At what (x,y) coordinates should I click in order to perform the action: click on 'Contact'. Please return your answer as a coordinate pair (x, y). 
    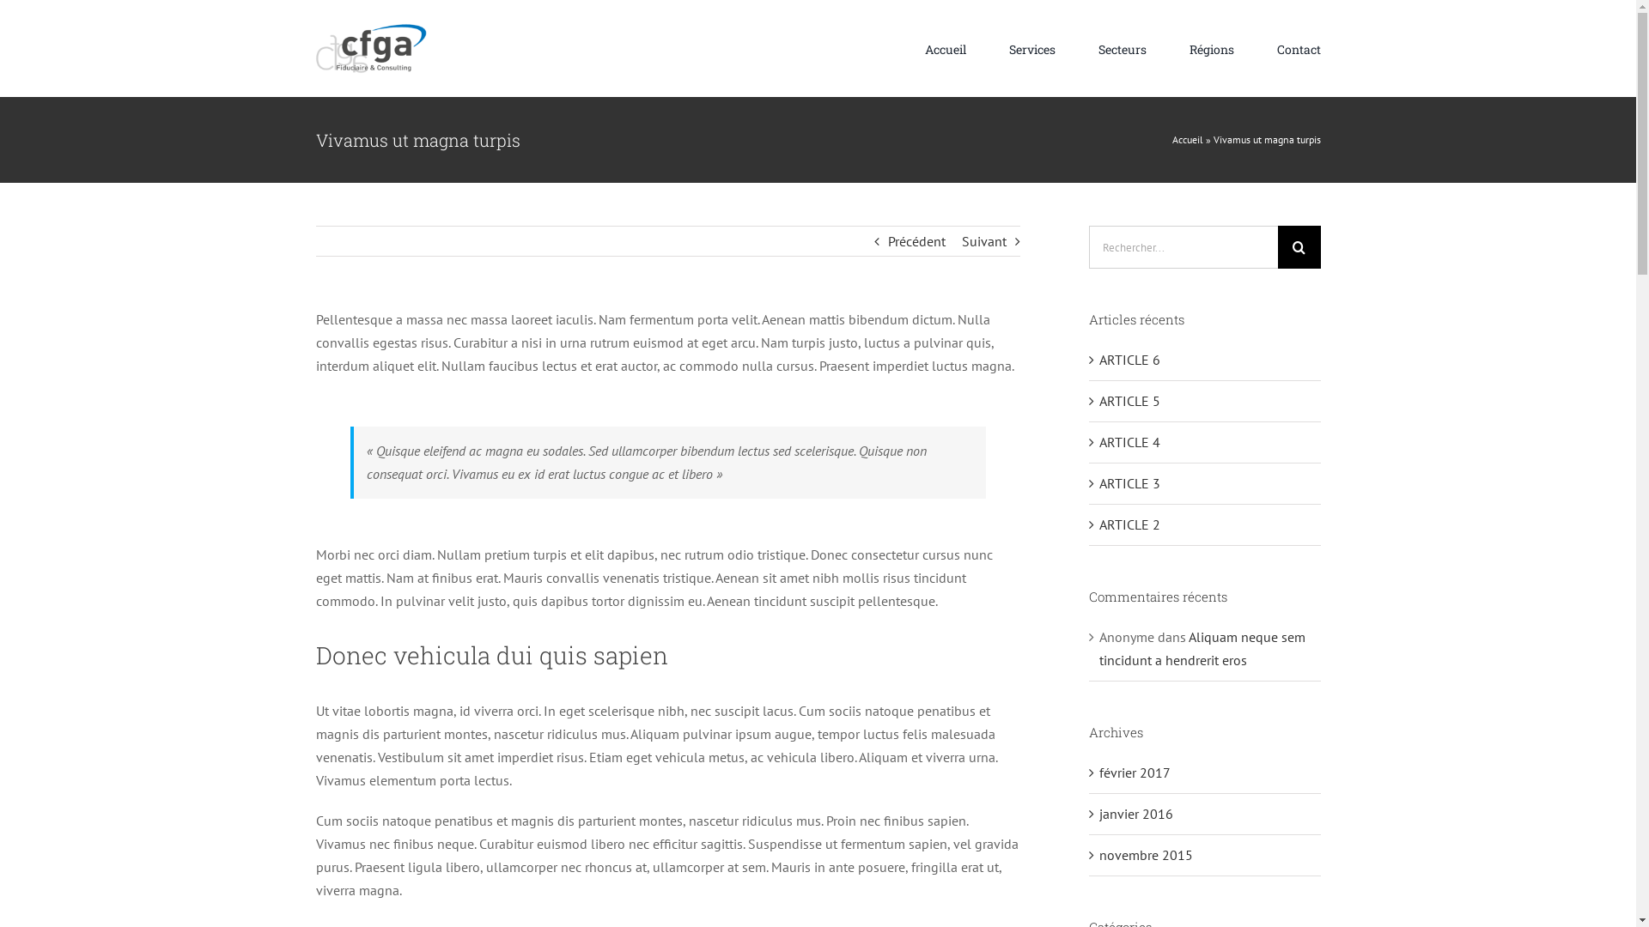
    Looking at the image, I should click on (1299, 48).